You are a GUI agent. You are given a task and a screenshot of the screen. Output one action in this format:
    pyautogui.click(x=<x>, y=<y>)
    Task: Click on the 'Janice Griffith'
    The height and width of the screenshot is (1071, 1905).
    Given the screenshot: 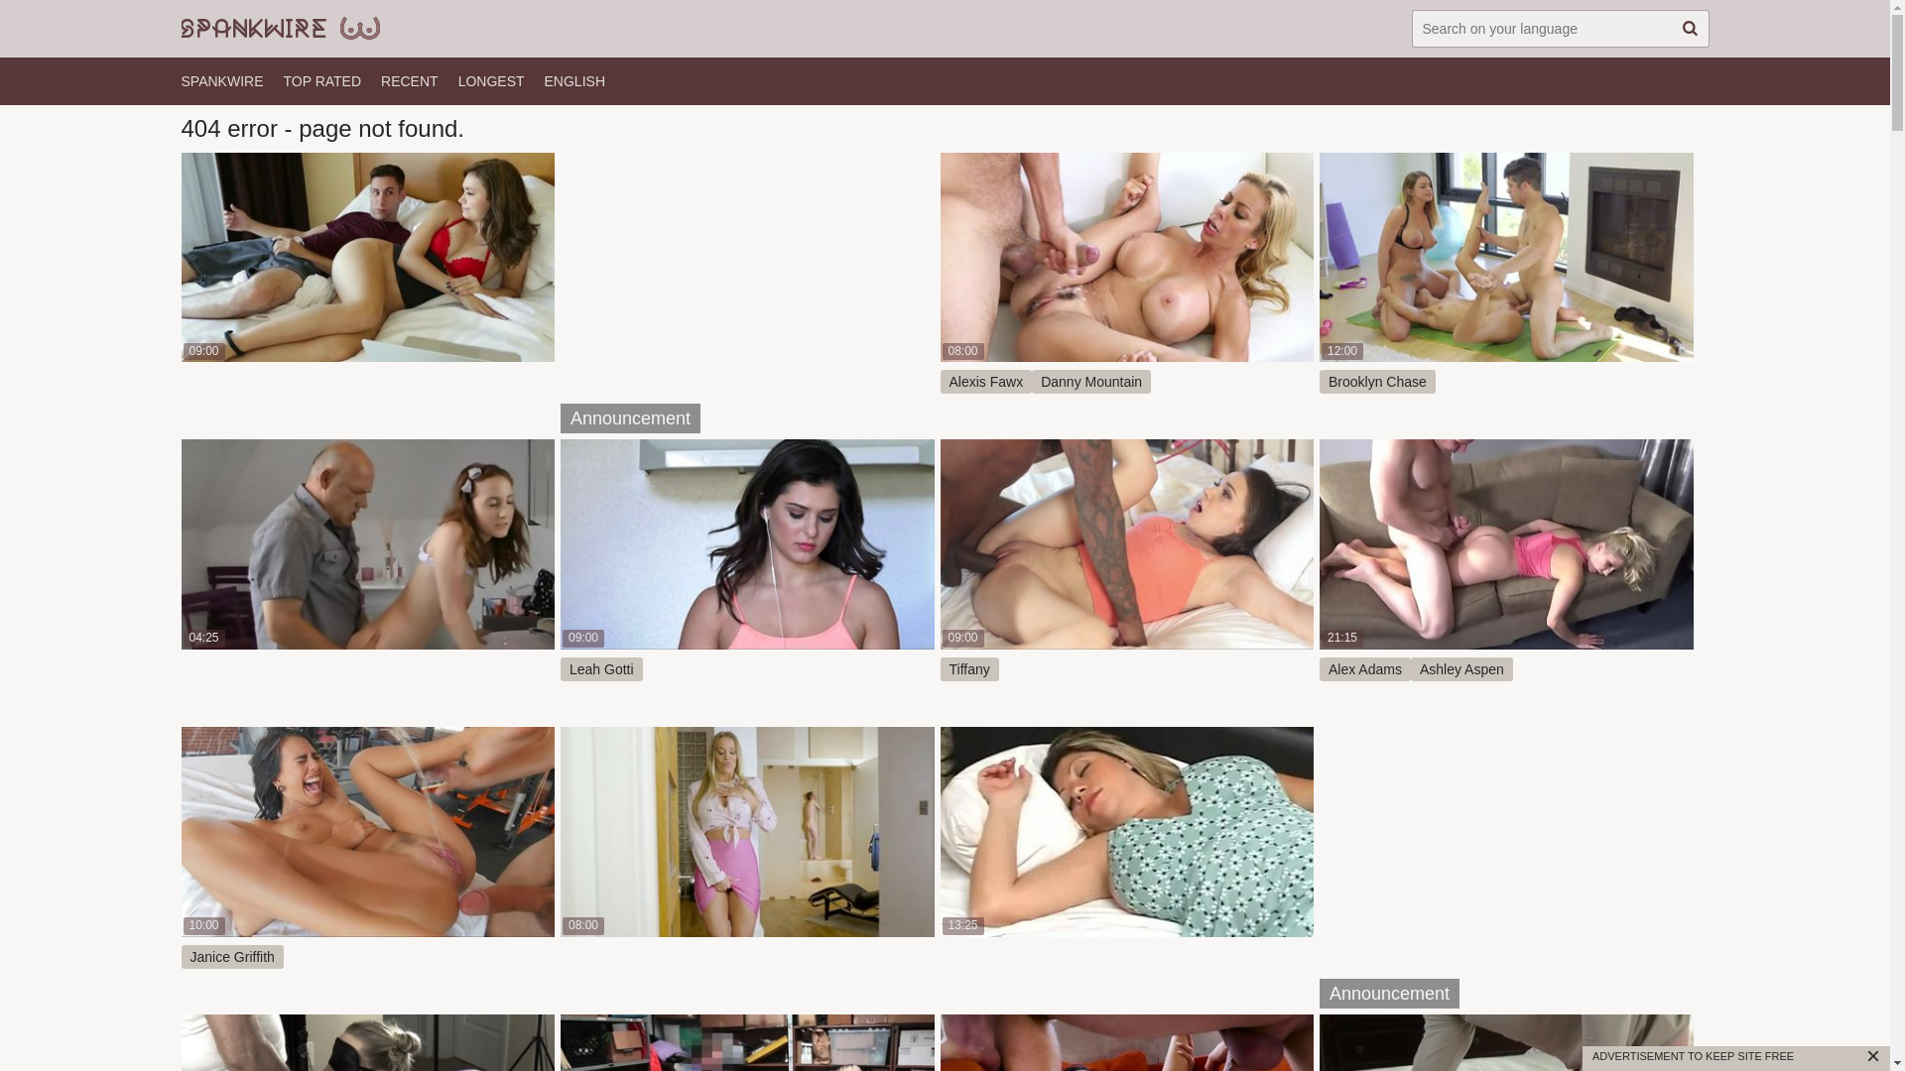 What is the action you would take?
    pyautogui.click(x=231, y=955)
    